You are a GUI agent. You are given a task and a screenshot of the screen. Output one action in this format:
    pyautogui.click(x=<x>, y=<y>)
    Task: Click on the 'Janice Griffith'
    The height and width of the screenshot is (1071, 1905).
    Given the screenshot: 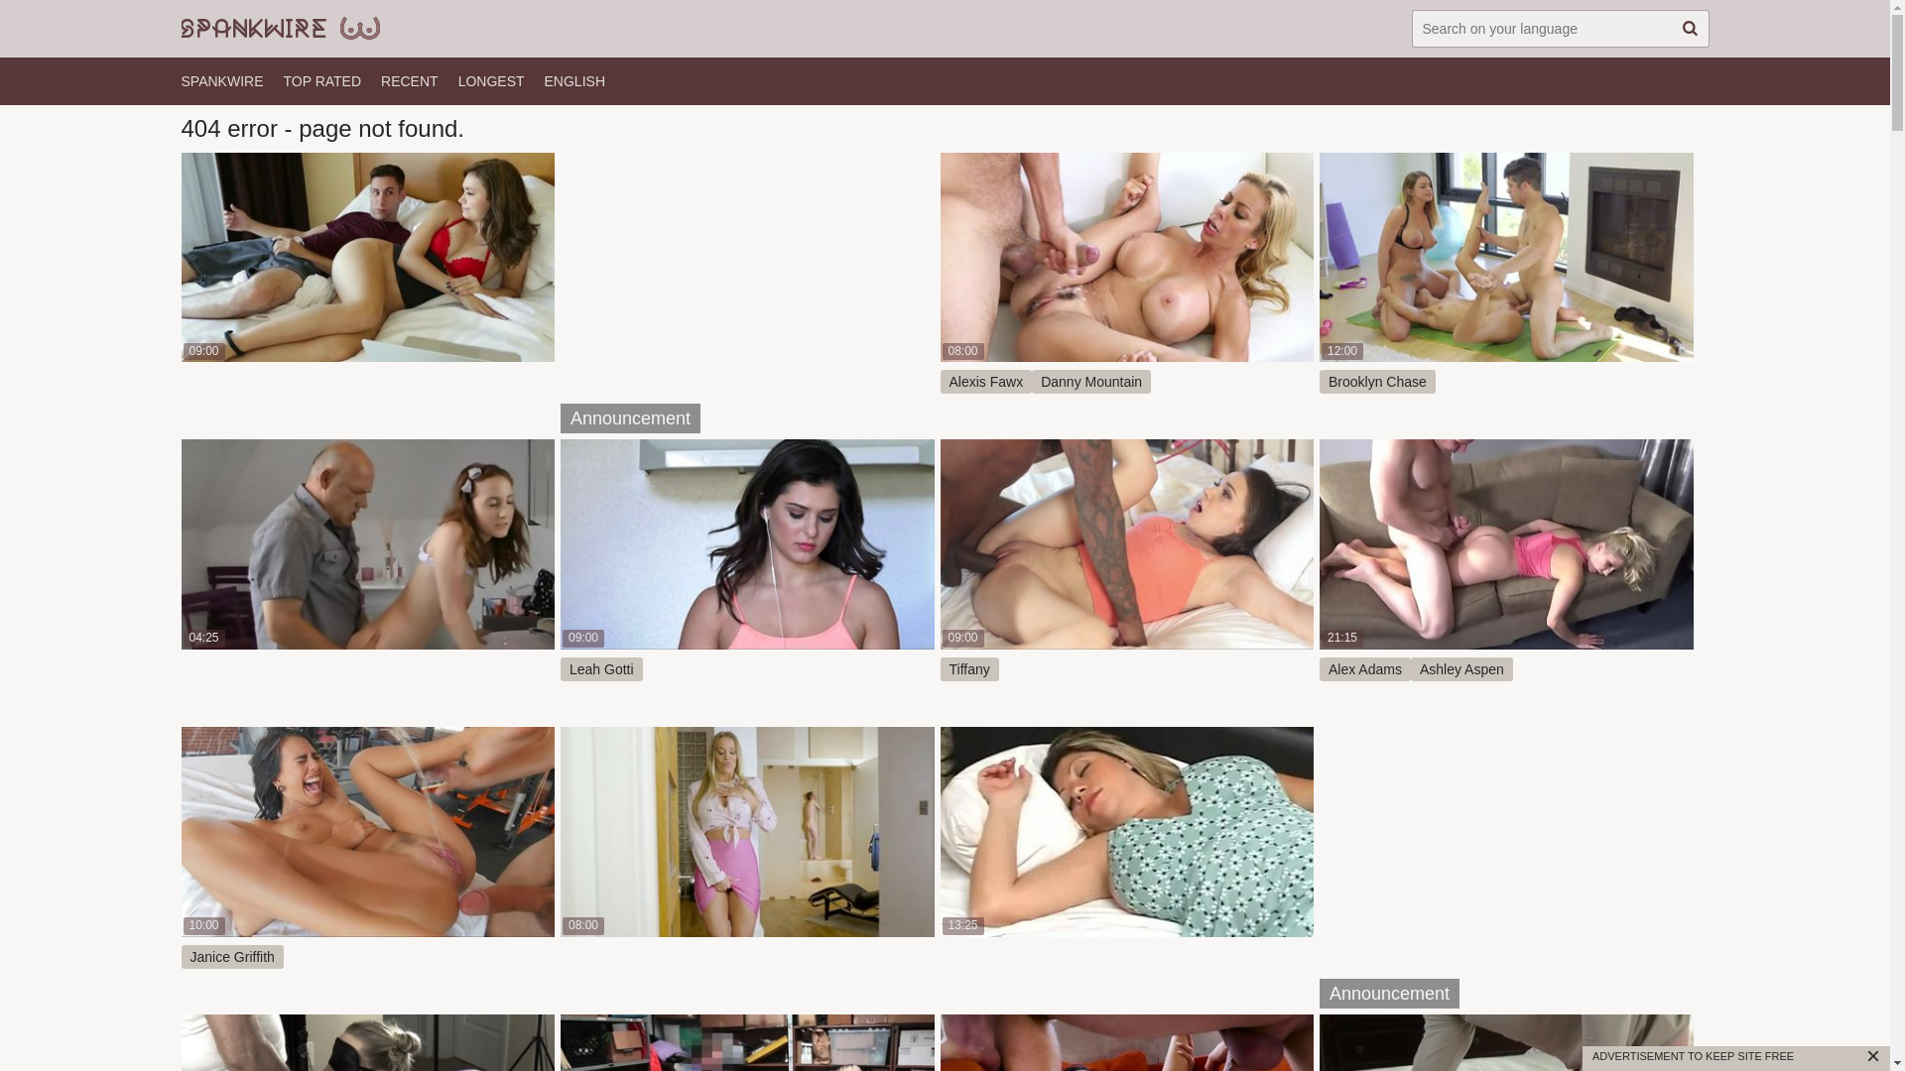 What is the action you would take?
    pyautogui.click(x=231, y=955)
    